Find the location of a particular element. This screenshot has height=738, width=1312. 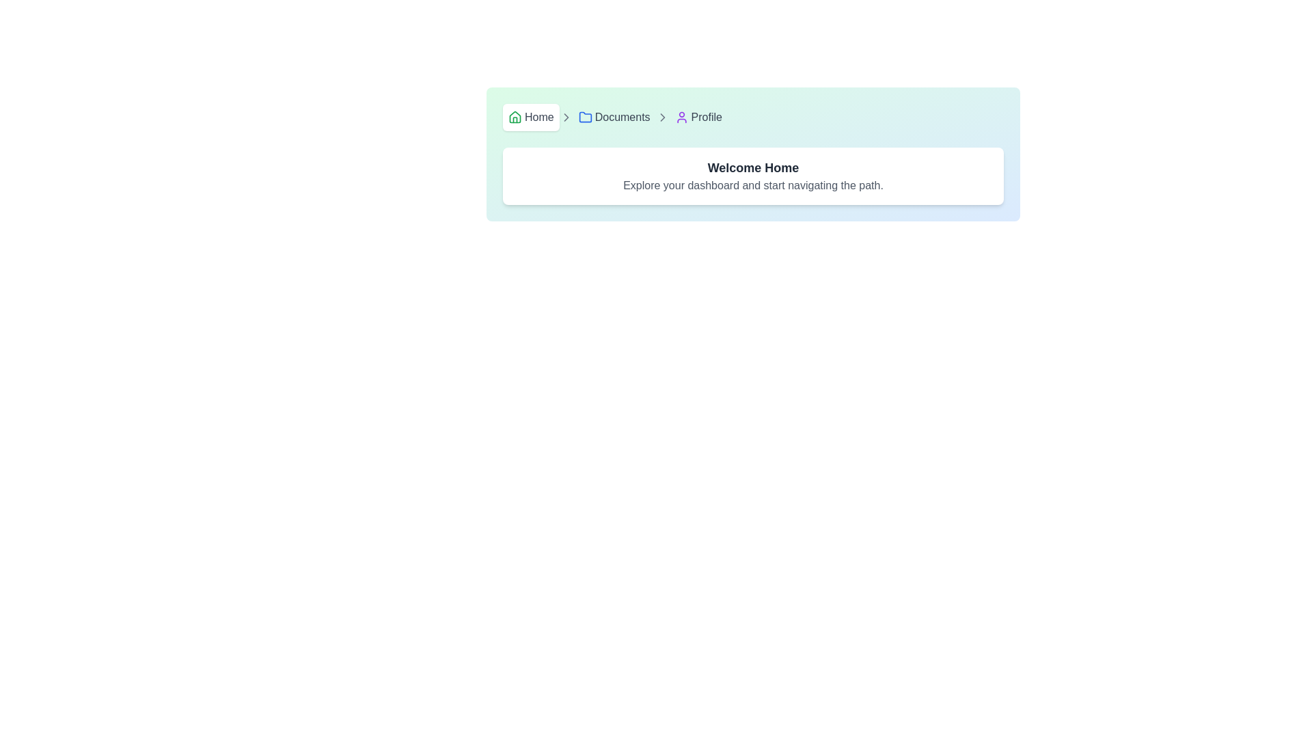

the 'Documents' label, which is a plain text label in dark font color located within the navigation bar, positioned between 'Home' and 'Profile' labels is located at coordinates (622, 117).